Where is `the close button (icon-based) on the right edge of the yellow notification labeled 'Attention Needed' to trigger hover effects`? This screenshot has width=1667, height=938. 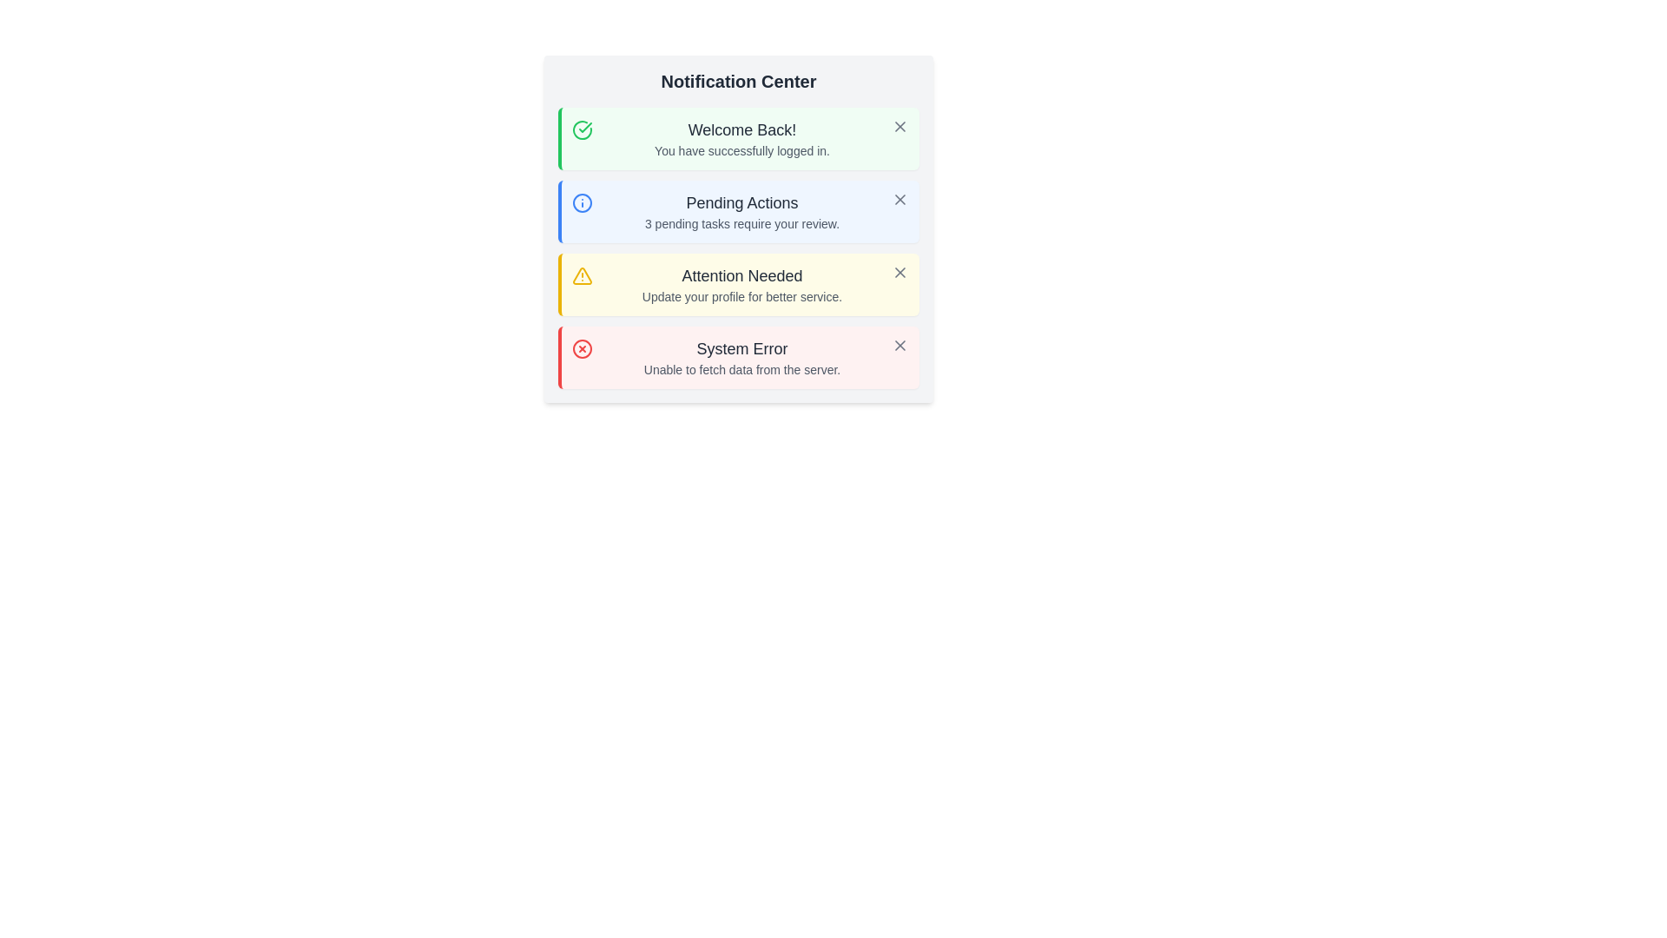
the close button (icon-based) on the right edge of the yellow notification labeled 'Attention Needed' to trigger hover effects is located at coordinates (899, 272).